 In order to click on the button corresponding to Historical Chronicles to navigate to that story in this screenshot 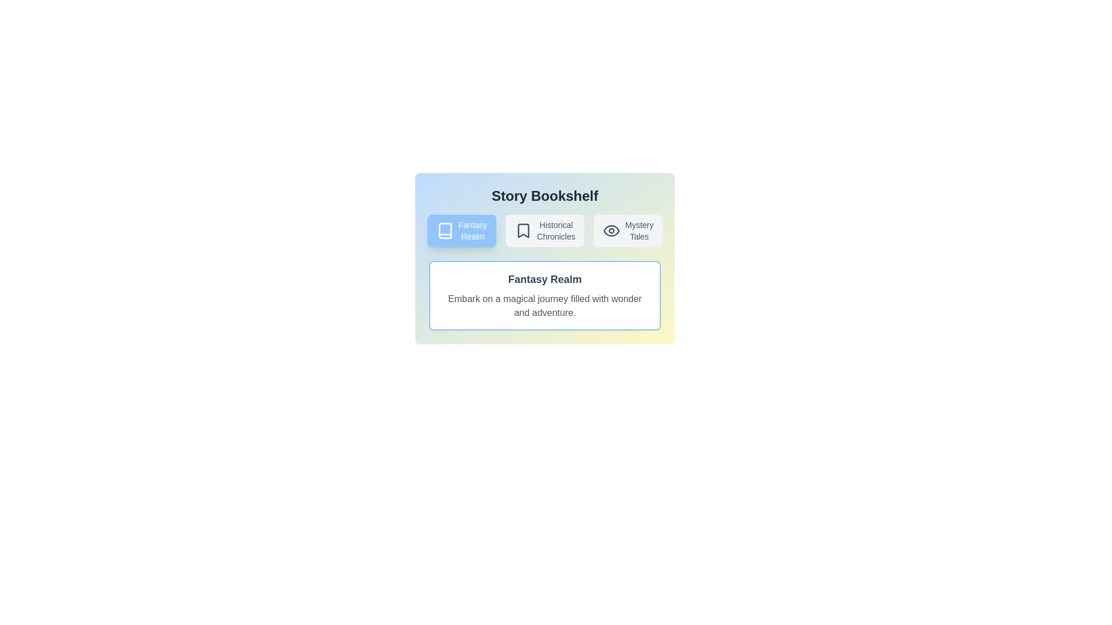, I will do `click(544, 230)`.